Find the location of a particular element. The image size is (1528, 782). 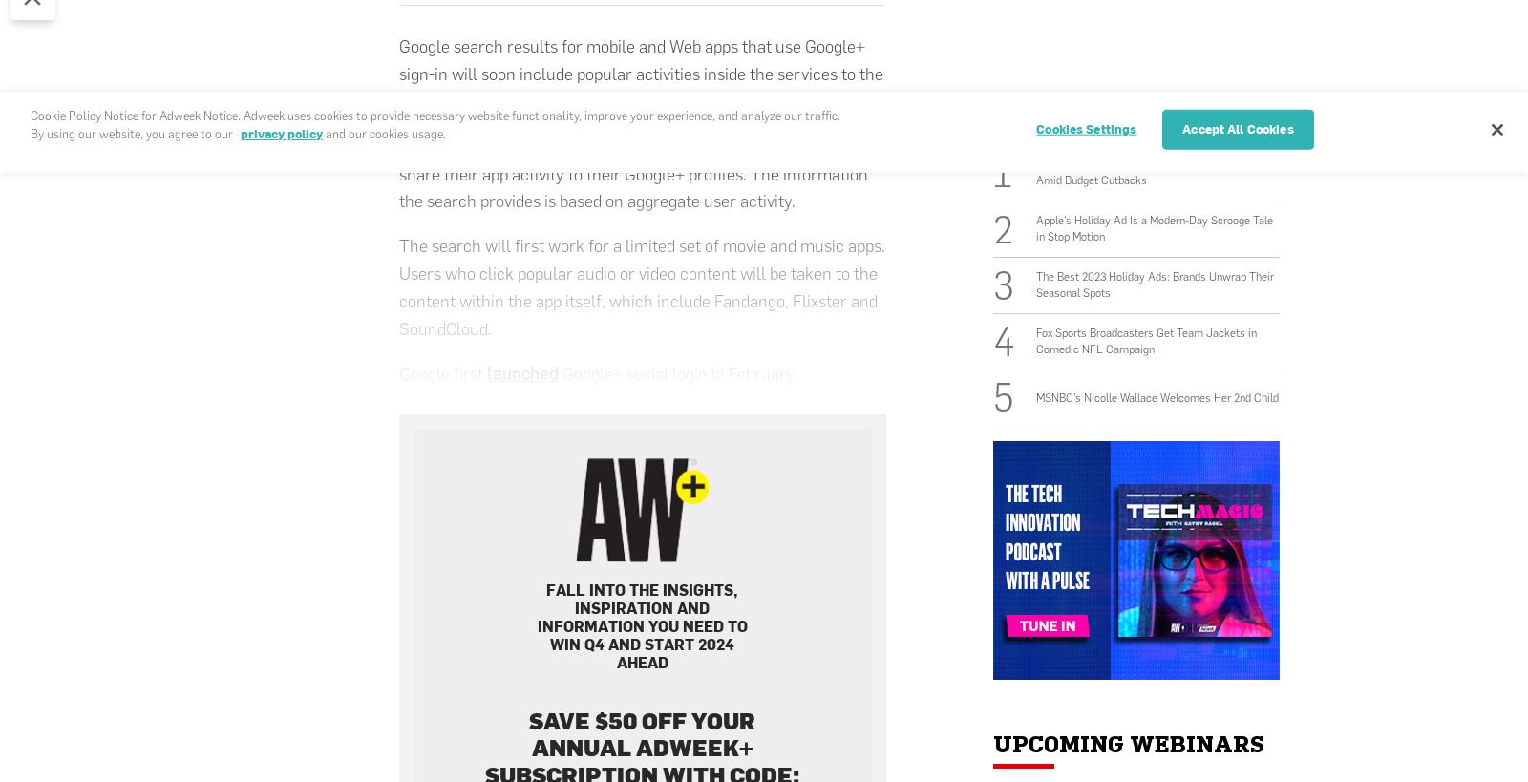

'launched' is located at coordinates (521, 371).